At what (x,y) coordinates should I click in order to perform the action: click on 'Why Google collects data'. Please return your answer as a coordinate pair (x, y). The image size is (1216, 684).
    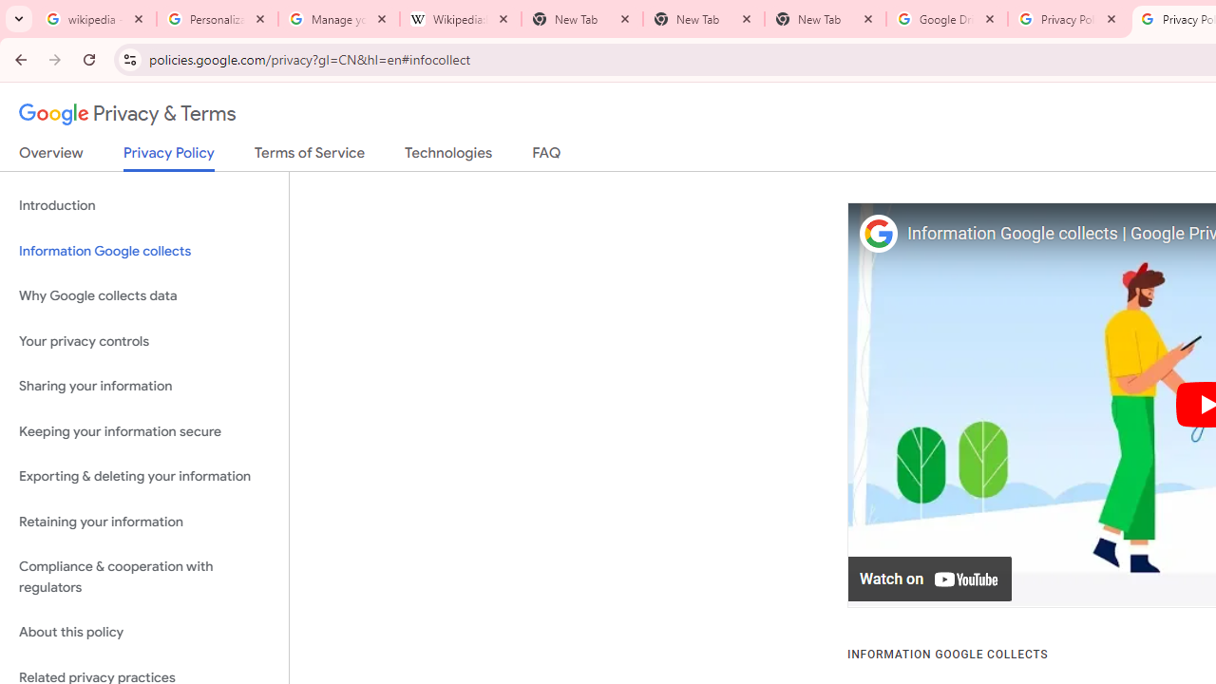
    Looking at the image, I should click on (143, 296).